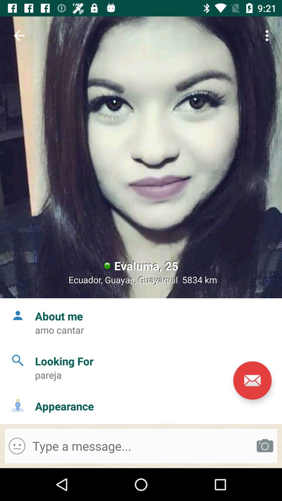 This screenshot has width=282, height=501. Describe the element at coordinates (252, 380) in the screenshot. I see `the email icon` at that location.